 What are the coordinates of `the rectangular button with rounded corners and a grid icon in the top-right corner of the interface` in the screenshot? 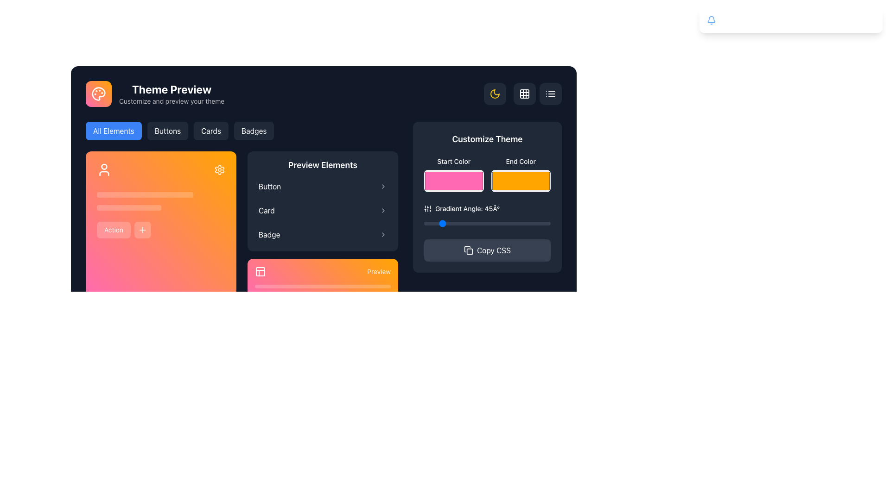 It's located at (523, 94).